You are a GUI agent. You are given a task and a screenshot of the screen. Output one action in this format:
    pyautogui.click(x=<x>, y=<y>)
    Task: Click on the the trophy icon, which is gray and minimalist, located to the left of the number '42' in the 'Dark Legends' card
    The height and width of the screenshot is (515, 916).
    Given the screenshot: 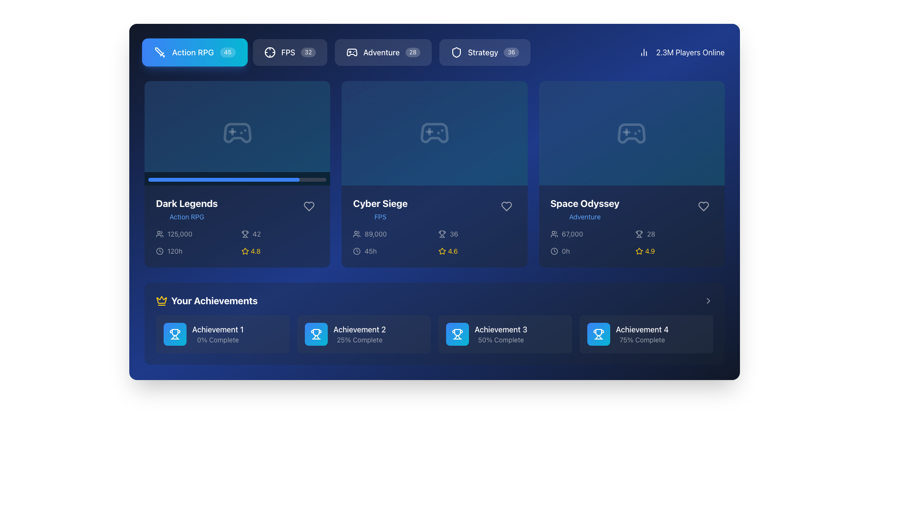 What is the action you would take?
    pyautogui.click(x=245, y=234)
    